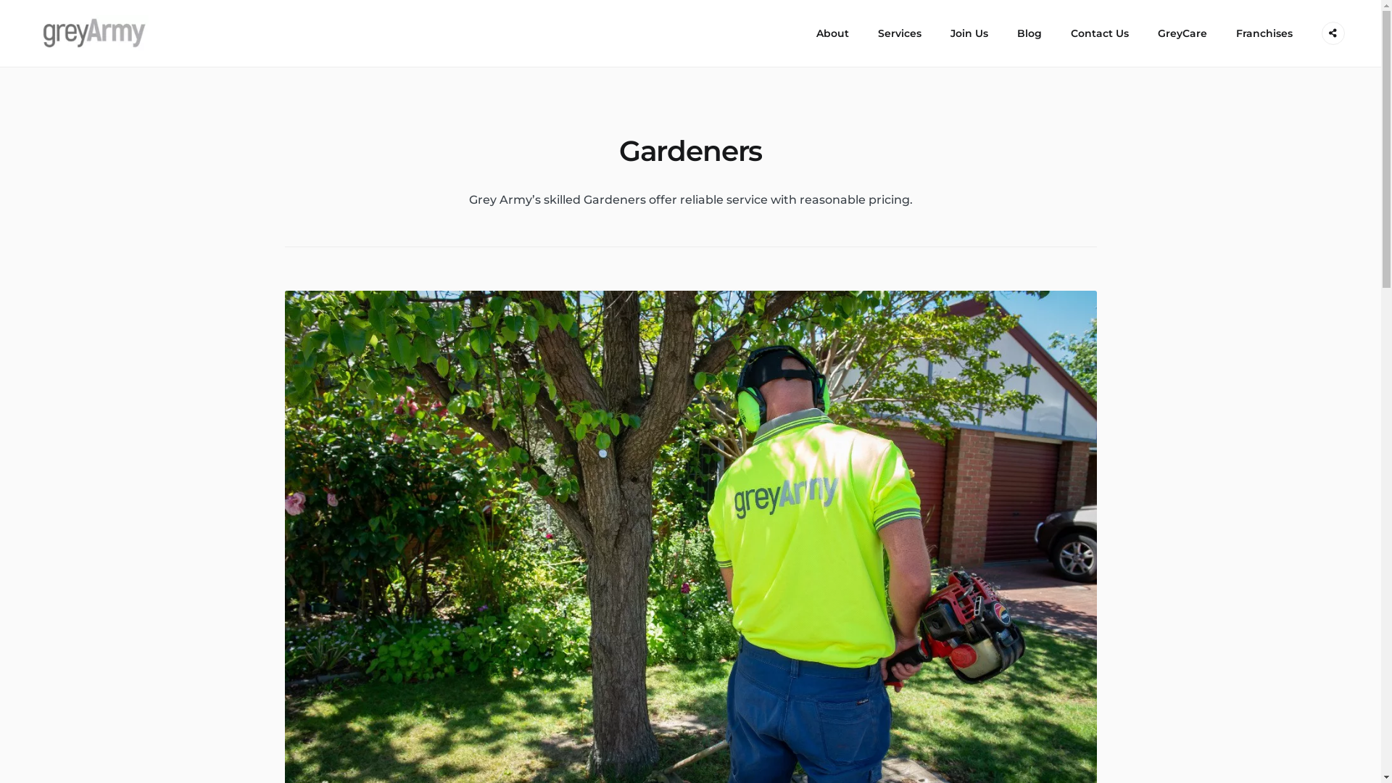 This screenshot has width=1392, height=783. Describe the element at coordinates (1056, 33) in the screenshot. I see `'Contact Us'` at that location.